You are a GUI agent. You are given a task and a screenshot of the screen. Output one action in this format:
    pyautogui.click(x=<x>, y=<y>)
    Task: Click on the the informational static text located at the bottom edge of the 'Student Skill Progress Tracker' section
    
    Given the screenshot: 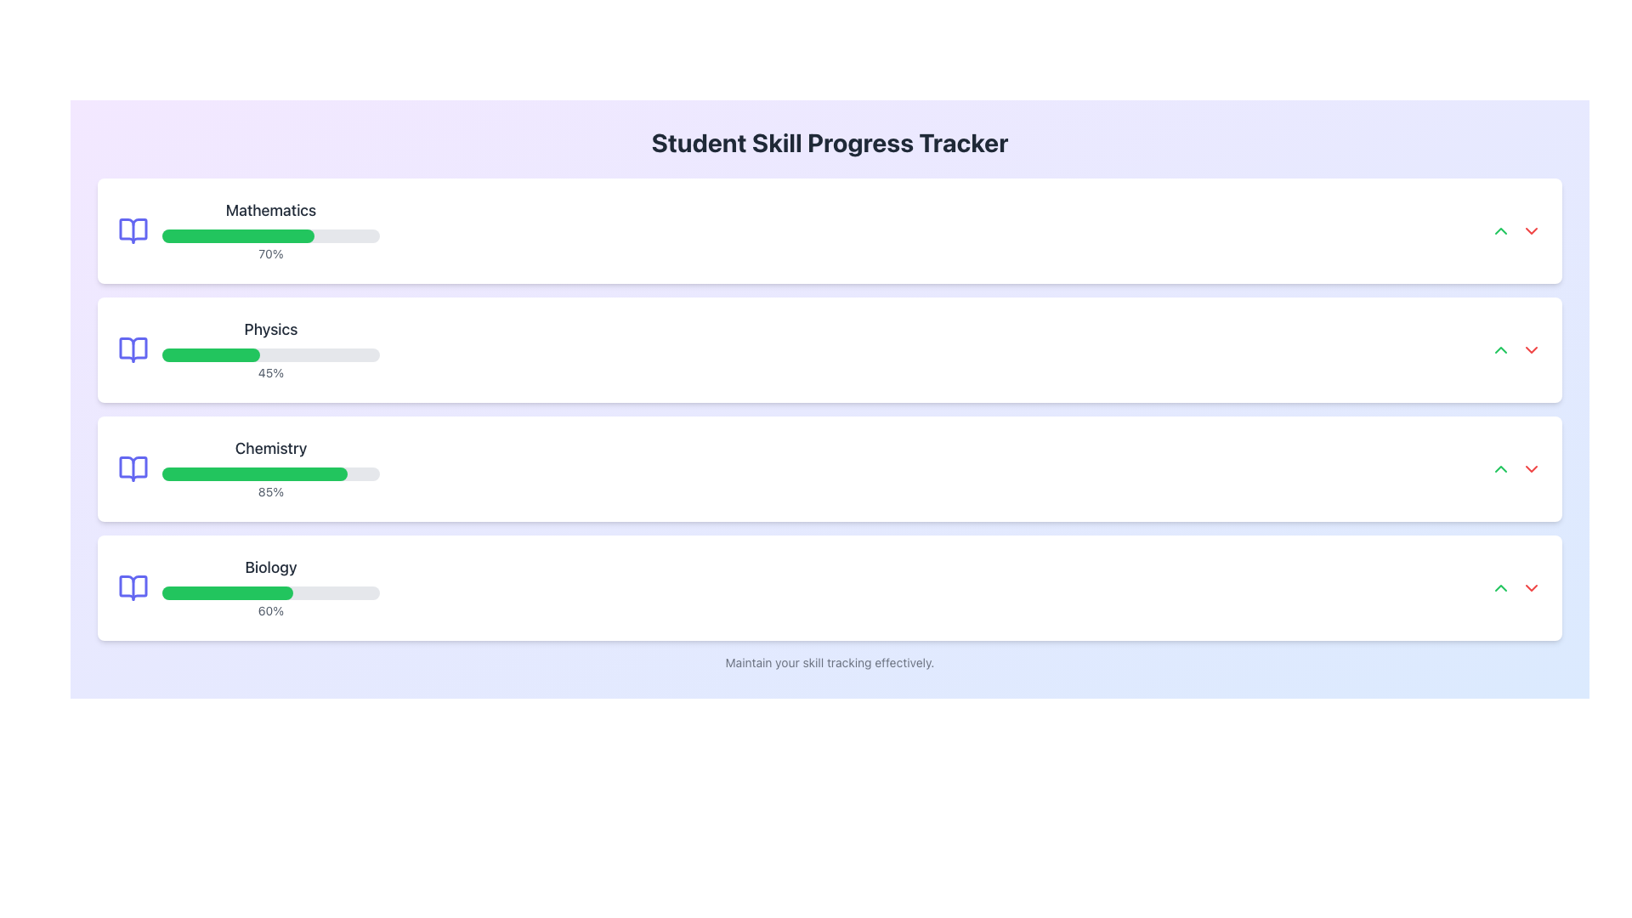 What is the action you would take?
    pyautogui.click(x=830, y=661)
    